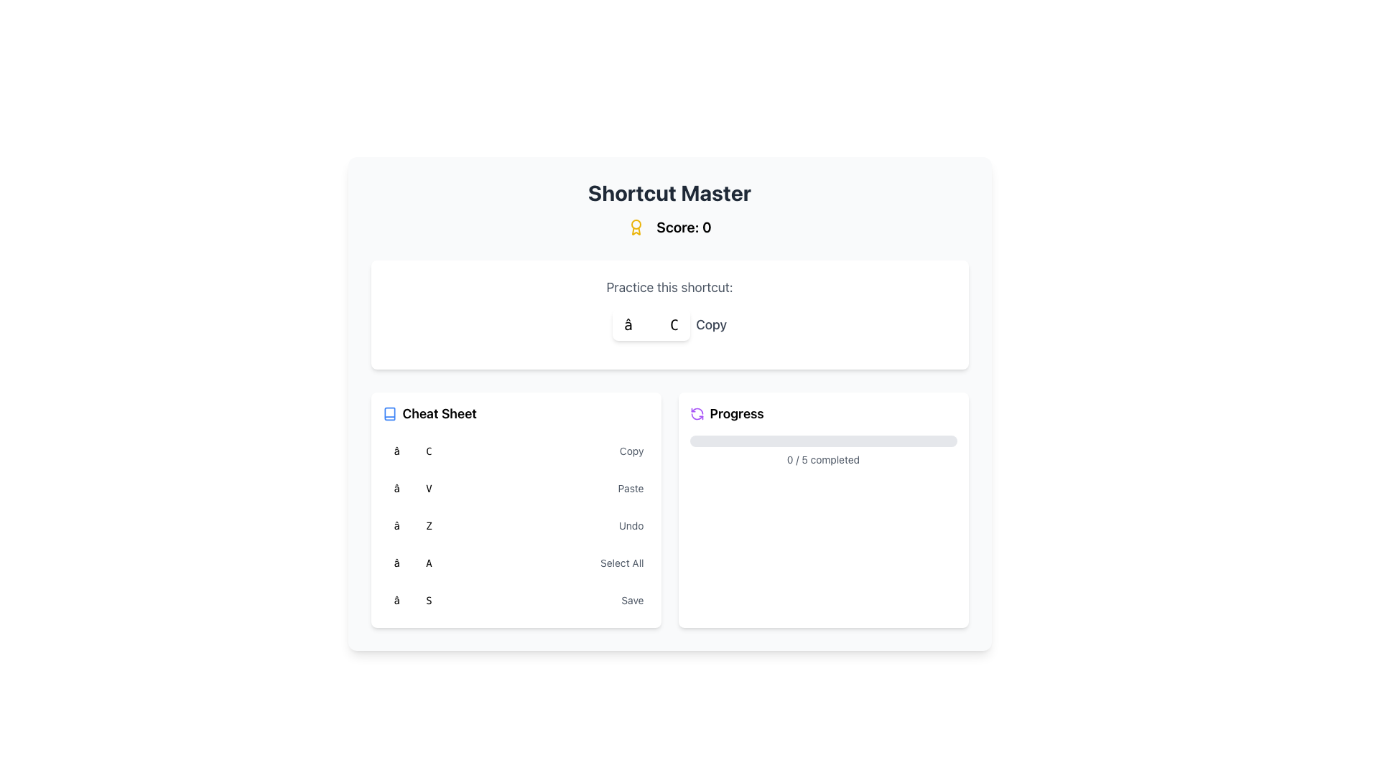  What do you see at coordinates (727, 414) in the screenshot?
I see `the 'Progress' Text Label with Icon, which indicates the purpose of the progress section in the top-right card of the interface` at bounding box center [727, 414].